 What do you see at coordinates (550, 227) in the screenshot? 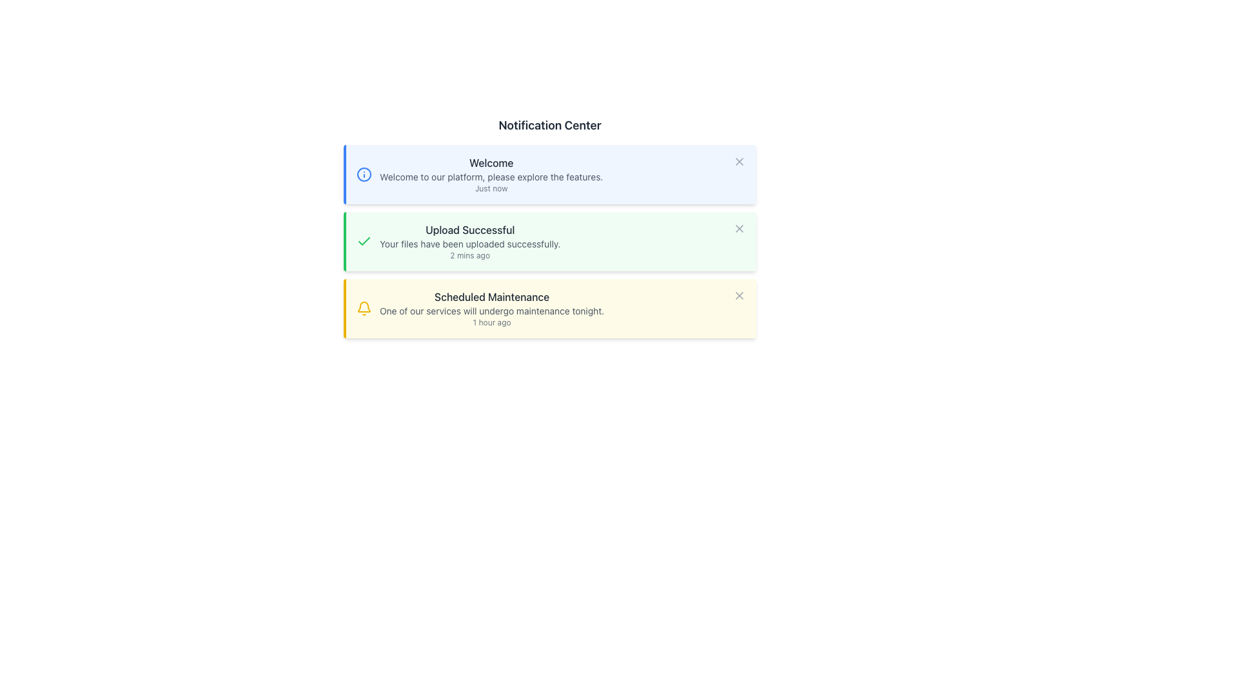
I see `the second notification card in the notification center, which informs users of a successful file upload operation and is located between a blue-bordered 'Welcome' notification and a yellow-bordered 'Scheduled Maintenance' notification` at bounding box center [550, 227].